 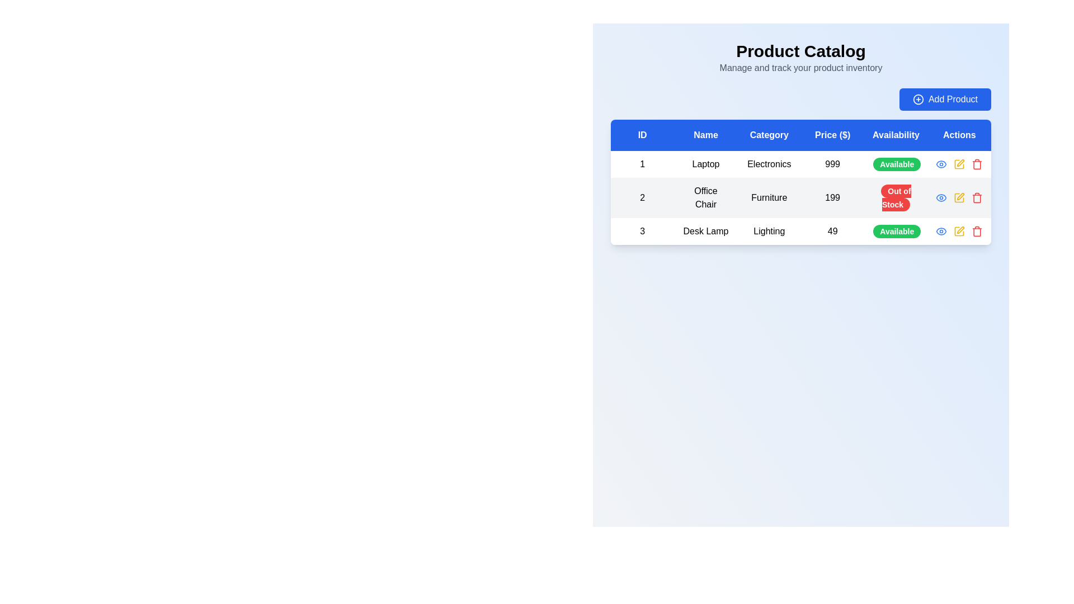 I want to click on the Text Heading and Subtext Block that displays 'Product Catalog' and 'Manage and track your product inventory', so click(x=800, y=58).